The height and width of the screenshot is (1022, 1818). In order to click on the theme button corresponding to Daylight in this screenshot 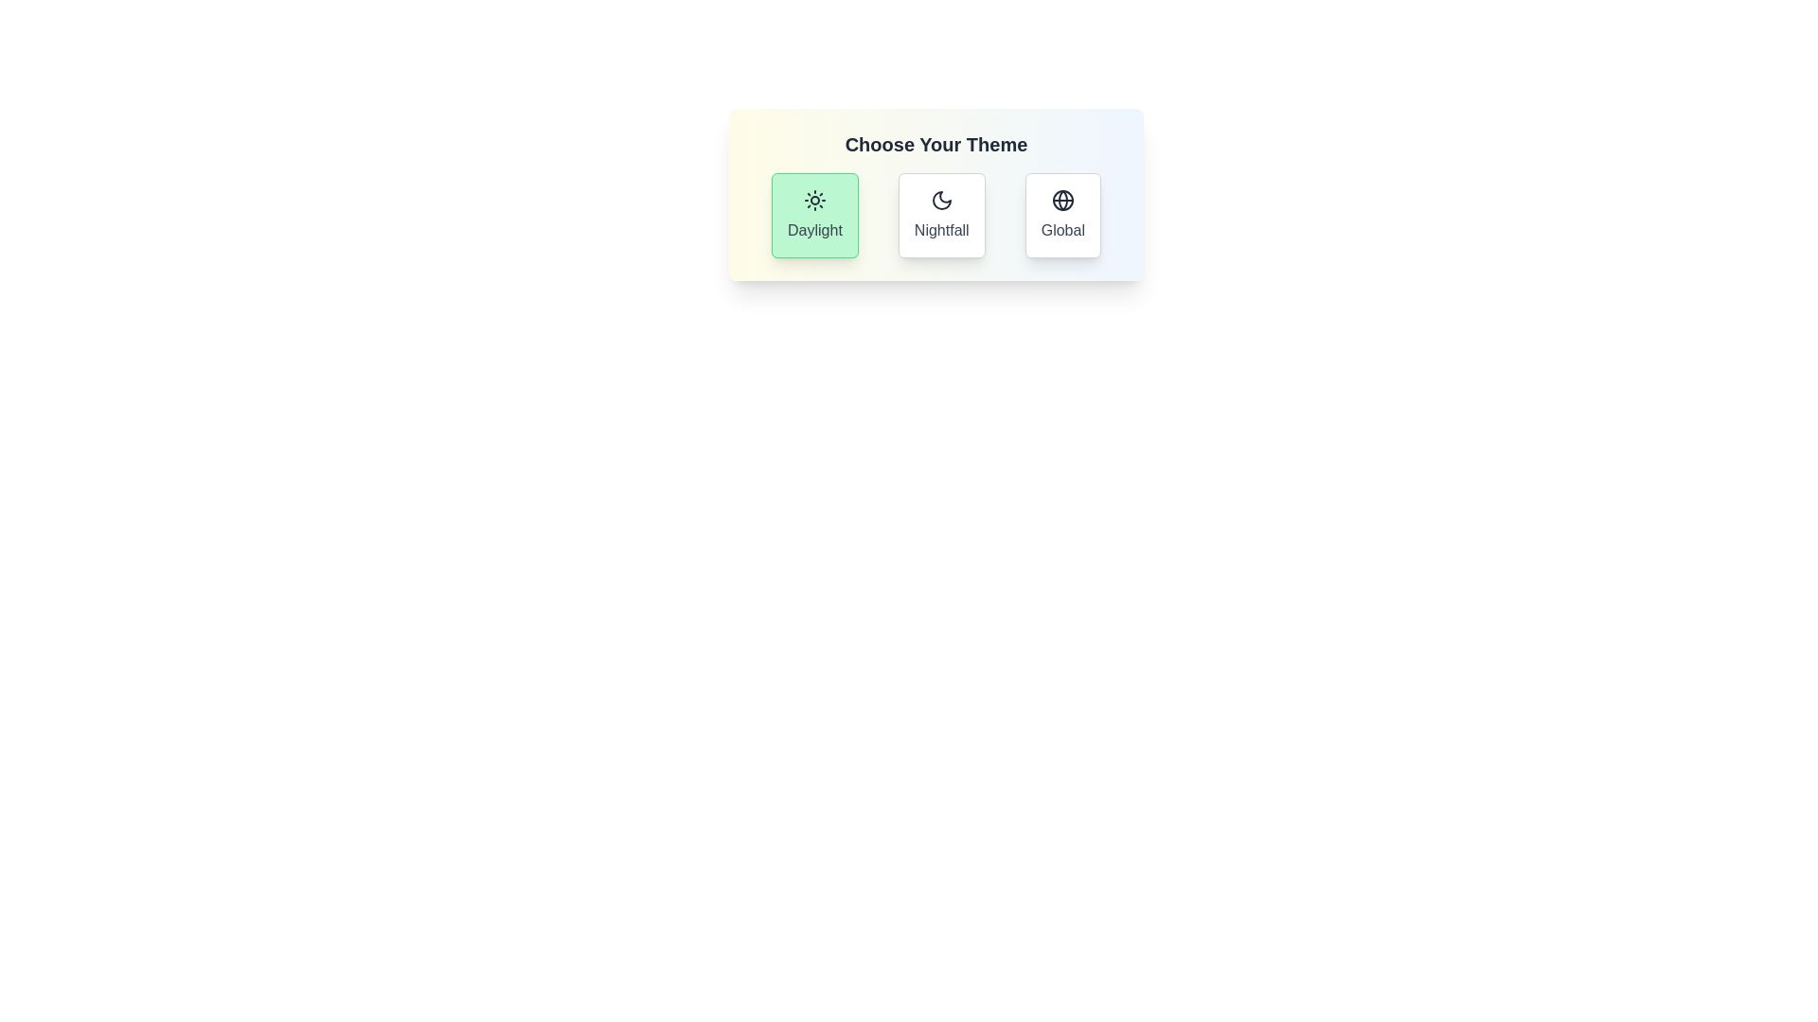, I will do `click(814, 214)`.